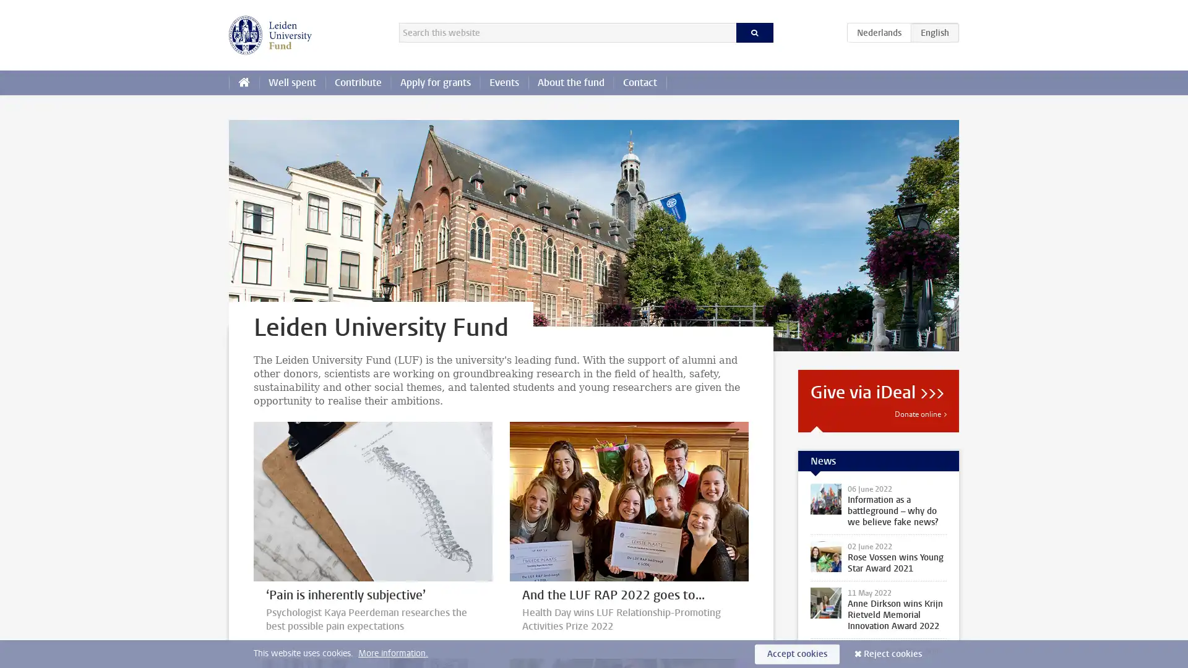 The width and height of the screenshot is (1188, 668). What do you see at coordinates (797, 653) in the screenshot?
I see `Accept cookies` at bounding box center [797, 653].